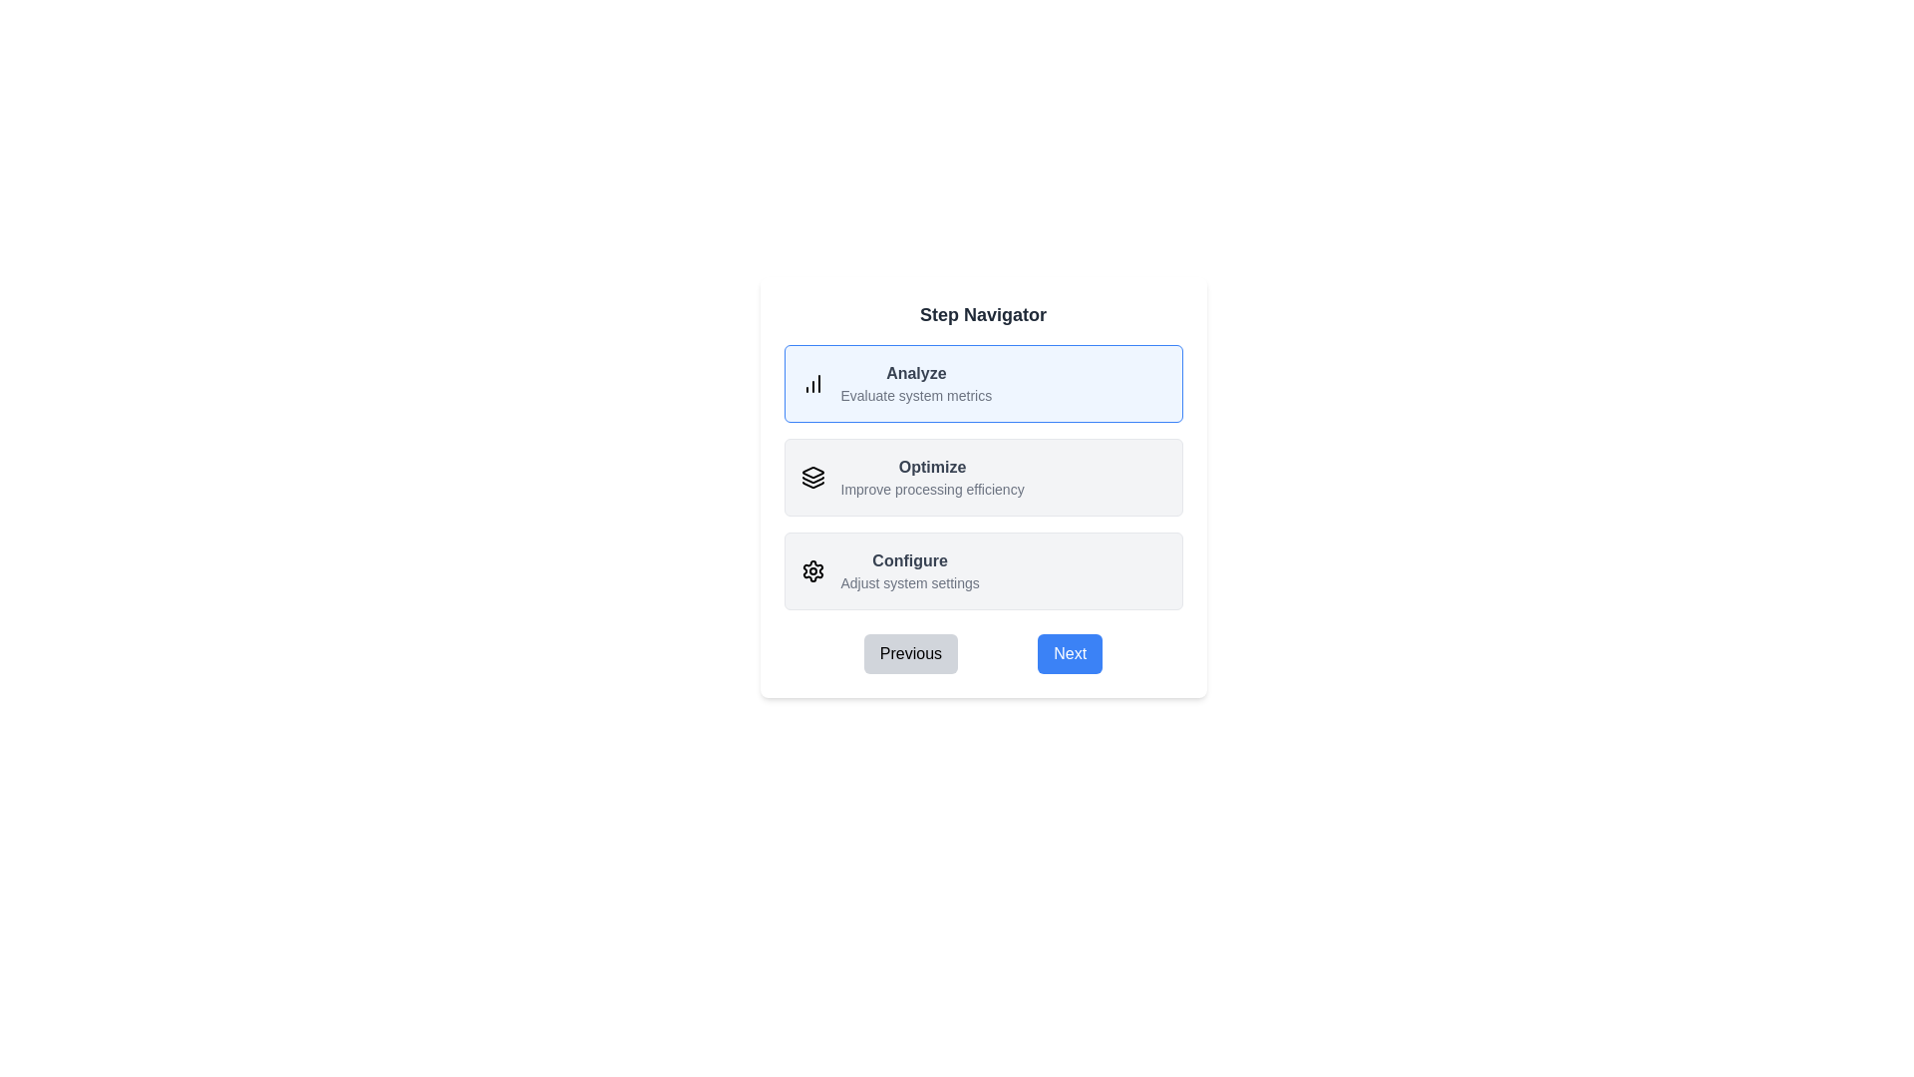 The height and width of the screenshot is (1077, 1914). Describe the element at coordinates (812, 571) in the screenshot. I see `the gear-like icon located at the bottom of the 'Configure' button area` at that location.